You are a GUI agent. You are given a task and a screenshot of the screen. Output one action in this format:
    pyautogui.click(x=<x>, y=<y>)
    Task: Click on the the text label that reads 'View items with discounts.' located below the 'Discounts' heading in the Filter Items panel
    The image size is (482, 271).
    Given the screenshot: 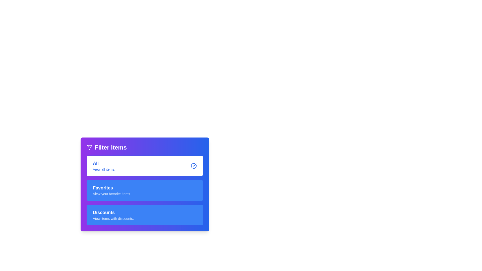 What is the action you would take?
    pyautogui.click(x=113, y=218)
    